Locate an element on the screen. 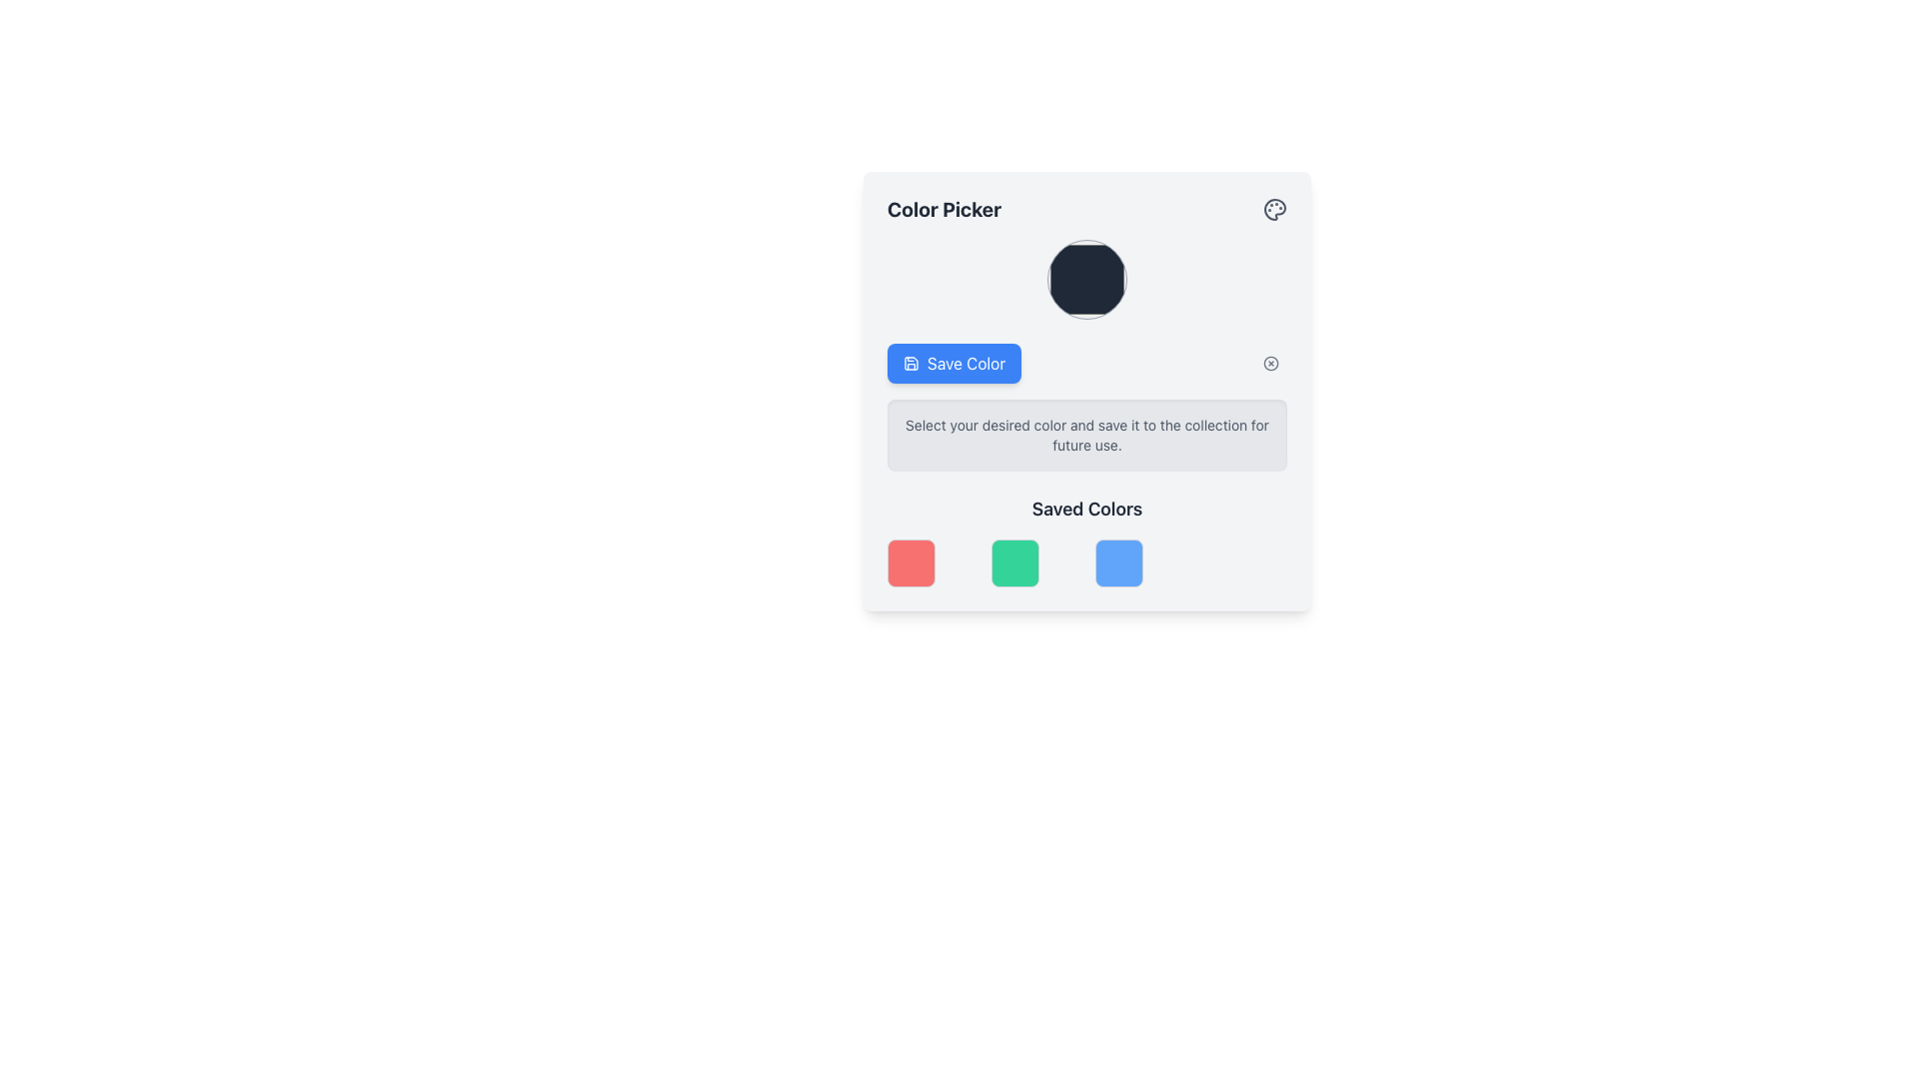 The height and width of the screenshot is (1079, 1919). the second color option in the color picker interface is located at coordinates (1015, 562).